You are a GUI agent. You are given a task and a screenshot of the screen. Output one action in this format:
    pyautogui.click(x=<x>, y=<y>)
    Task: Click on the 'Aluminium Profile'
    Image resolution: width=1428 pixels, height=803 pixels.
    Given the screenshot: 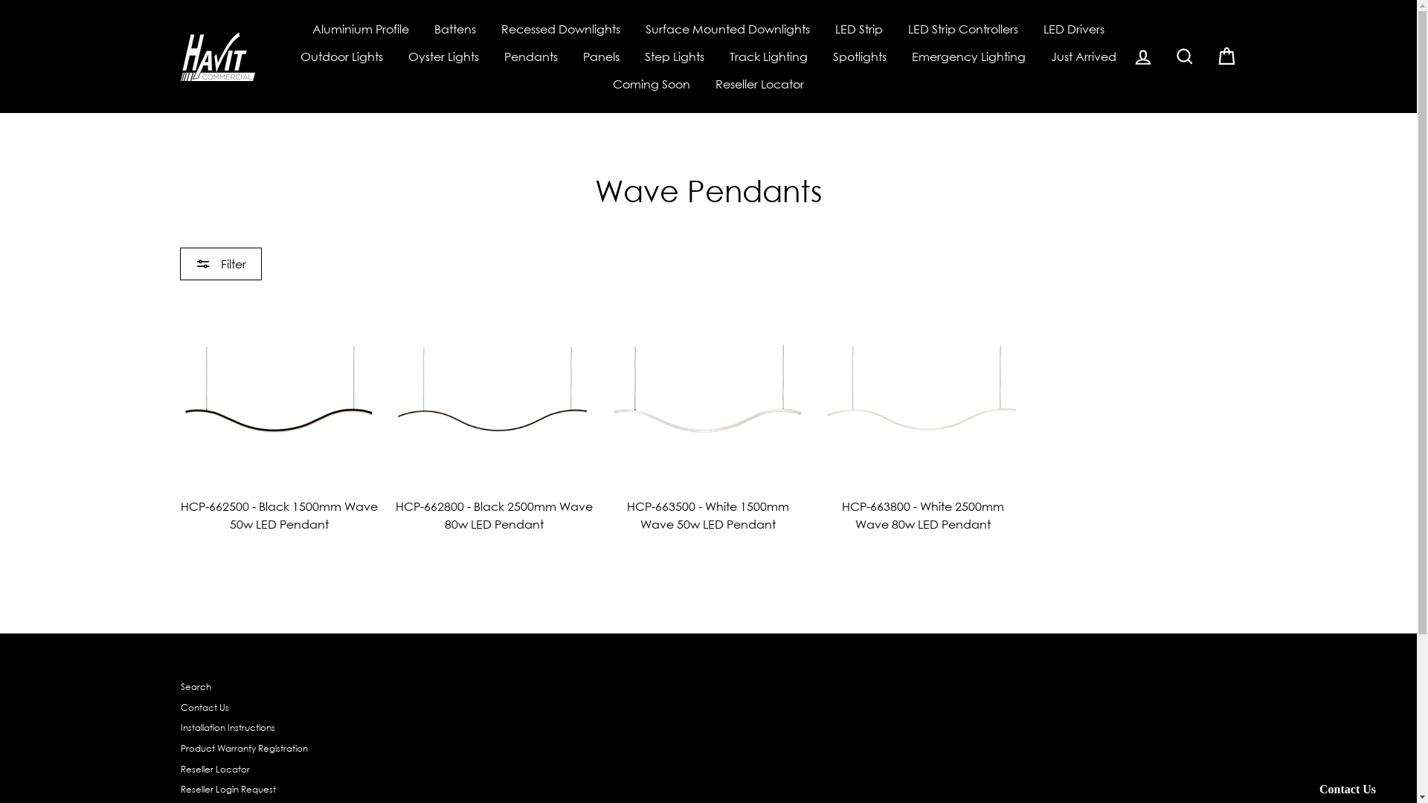 What is the action you would take?
    pyautogui.click(x=360, y=28)
    